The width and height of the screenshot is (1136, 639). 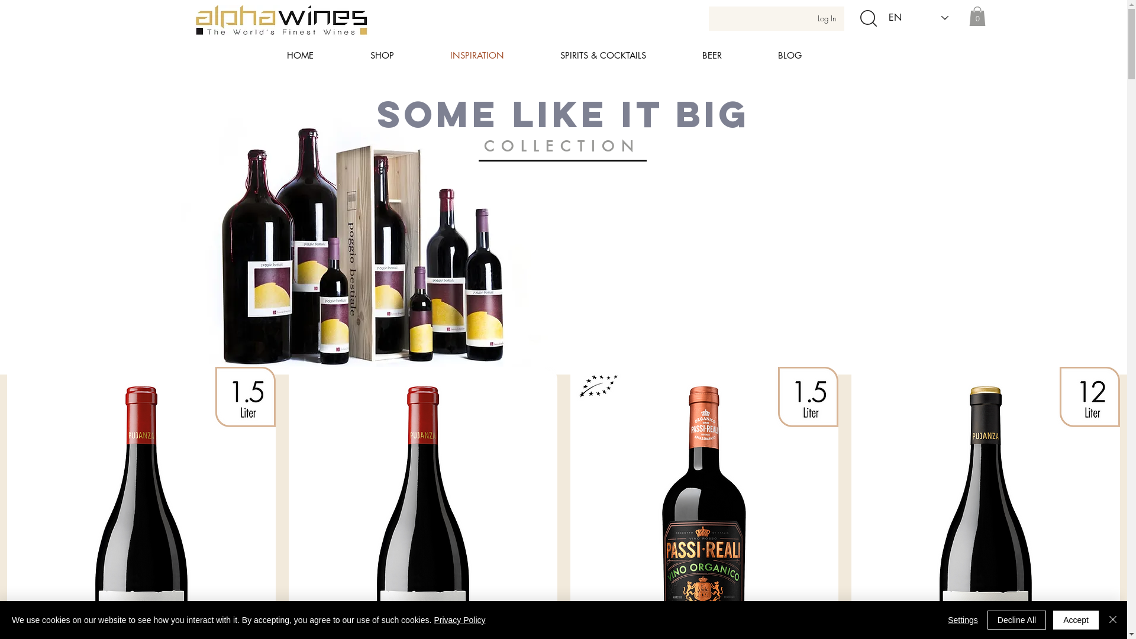 I want to click on '0', so click(x=977, y=16).